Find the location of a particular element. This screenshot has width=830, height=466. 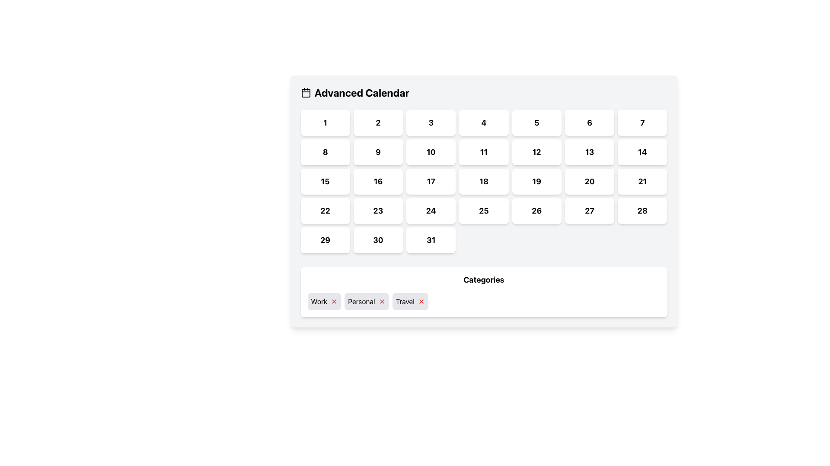

the selectable item representing the seventh day of the month in the calendar interface, which is located in the second row of the grid and is the seventh button from the top-left is located at coordinates (642, 123).